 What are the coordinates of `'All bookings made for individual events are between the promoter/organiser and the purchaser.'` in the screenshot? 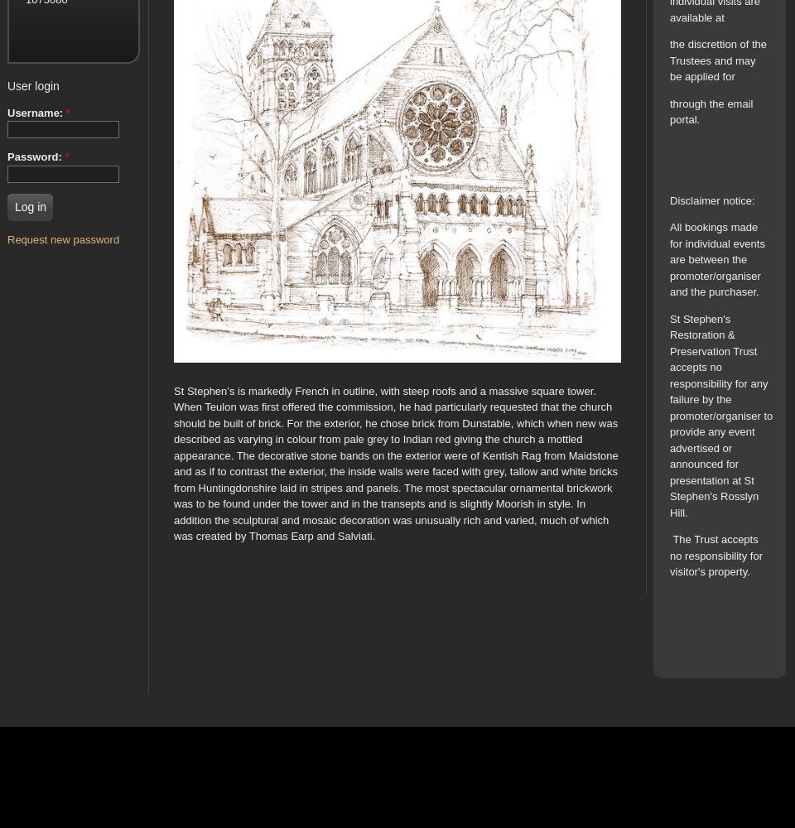 It's located at (669, 258).